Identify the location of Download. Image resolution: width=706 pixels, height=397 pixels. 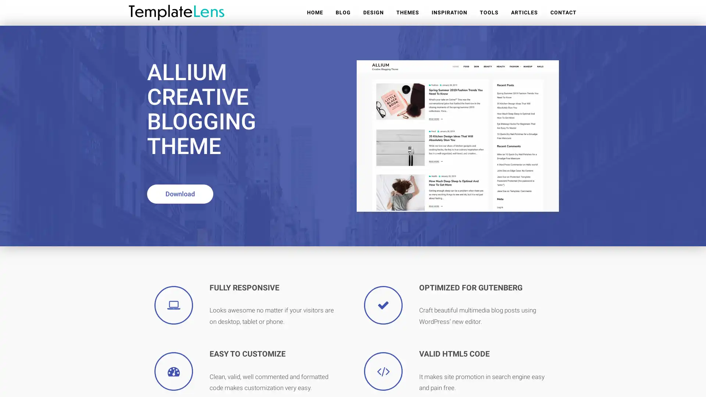
(180, 194).